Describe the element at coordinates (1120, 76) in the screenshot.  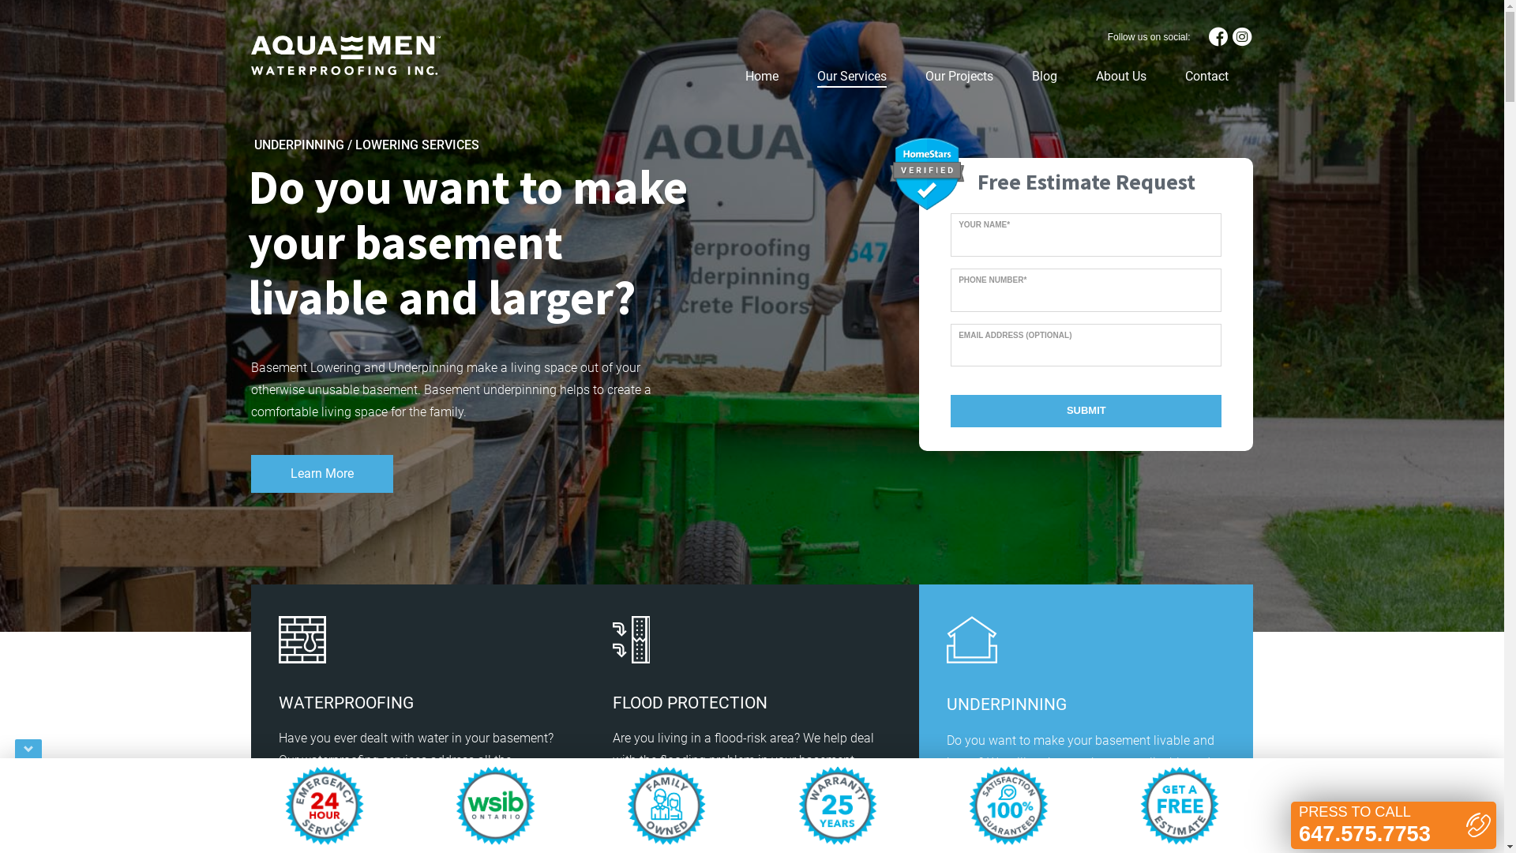
I see `'About Us'` at that location.